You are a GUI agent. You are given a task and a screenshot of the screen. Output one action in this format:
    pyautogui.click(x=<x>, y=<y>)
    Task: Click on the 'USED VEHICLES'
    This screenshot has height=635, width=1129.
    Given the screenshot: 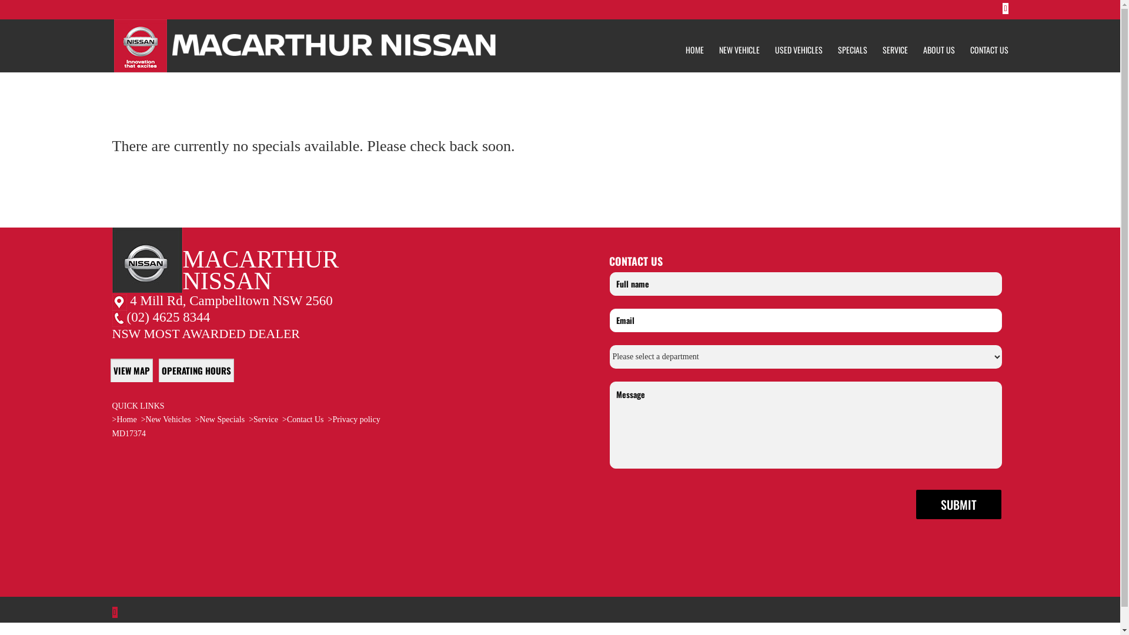 What is the action you would take?
    pyautogui.click(x=799, y=54)
    